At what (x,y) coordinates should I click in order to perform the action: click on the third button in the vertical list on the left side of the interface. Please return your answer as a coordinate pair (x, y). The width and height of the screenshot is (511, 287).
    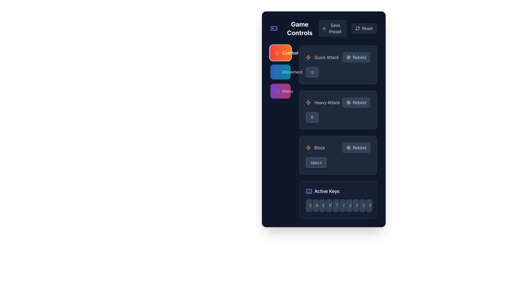
    Looking at the image, I should click on (280, 91).